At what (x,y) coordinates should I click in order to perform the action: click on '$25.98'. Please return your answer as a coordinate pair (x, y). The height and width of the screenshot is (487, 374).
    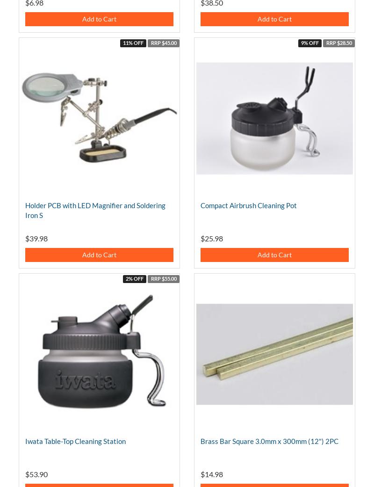
    Looking at the image, I should click on (211, 237).